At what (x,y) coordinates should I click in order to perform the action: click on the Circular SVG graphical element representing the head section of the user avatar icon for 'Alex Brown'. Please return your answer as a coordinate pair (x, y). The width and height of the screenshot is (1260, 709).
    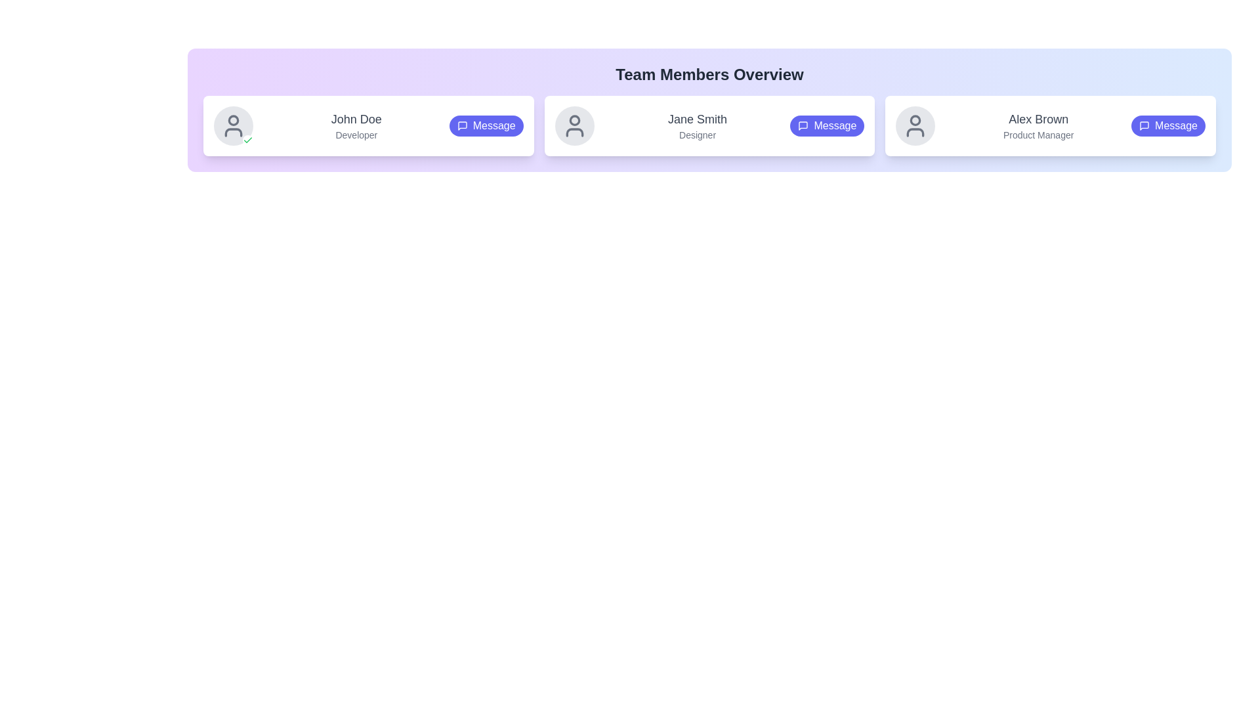
    Looking at the image, I should click on (915, 120).